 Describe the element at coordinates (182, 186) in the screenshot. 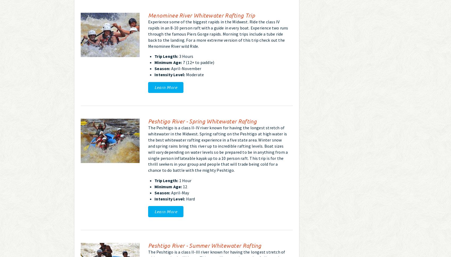

I see `'12'` at that location.